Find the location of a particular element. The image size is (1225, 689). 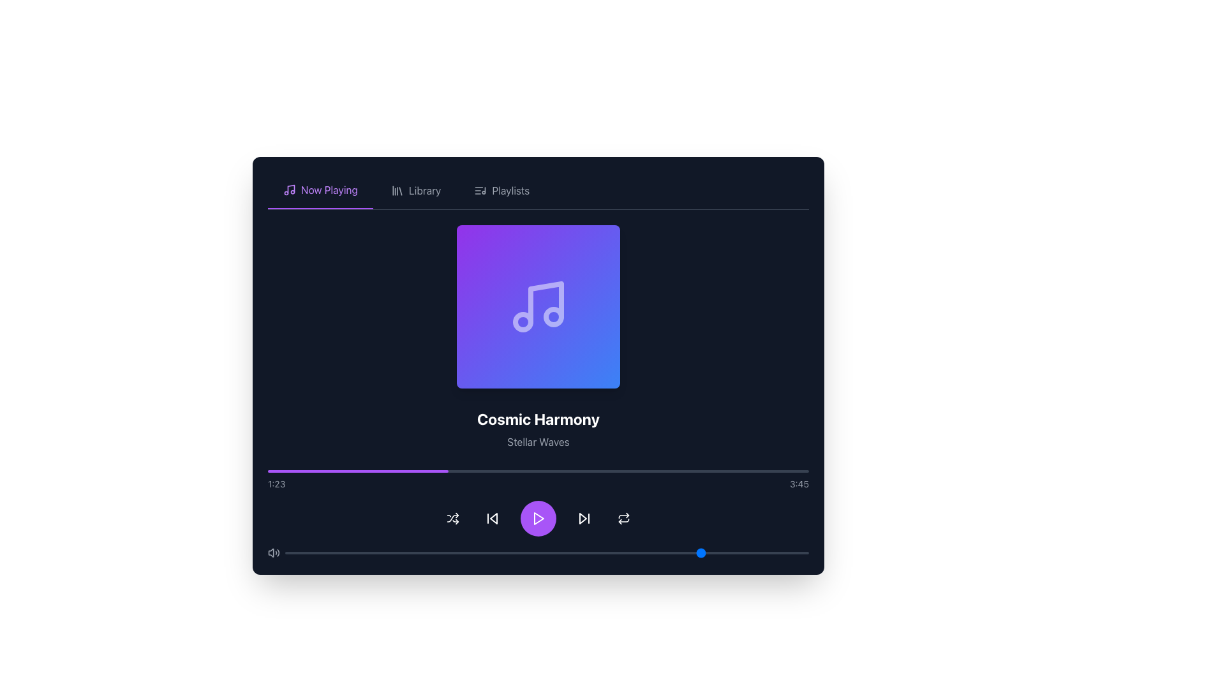

the first button on the bottom control bar is located at coordinates (453, 519).